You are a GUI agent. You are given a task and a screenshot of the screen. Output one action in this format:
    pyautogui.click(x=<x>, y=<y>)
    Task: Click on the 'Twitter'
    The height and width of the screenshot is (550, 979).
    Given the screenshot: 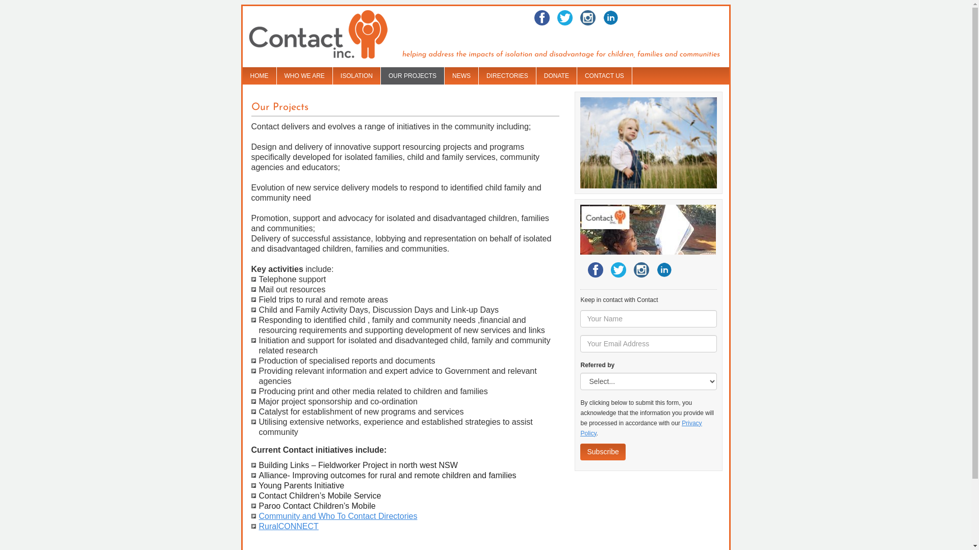 What is the action you would take?
    pyautogui.click(x=564, y=17)
    